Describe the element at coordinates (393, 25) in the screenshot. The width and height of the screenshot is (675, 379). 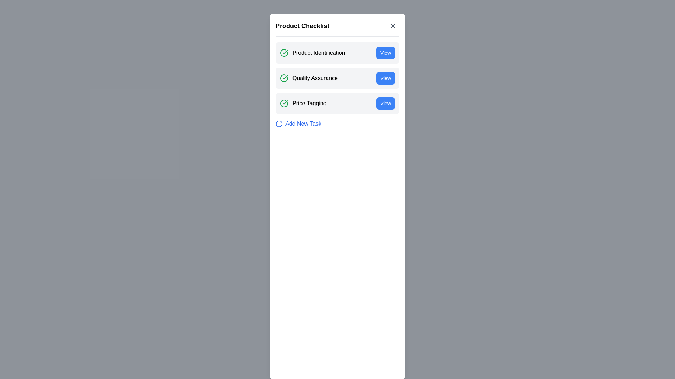
I see `the close button located at the top-right corner of the 'Product Checklist' header section` at that location.